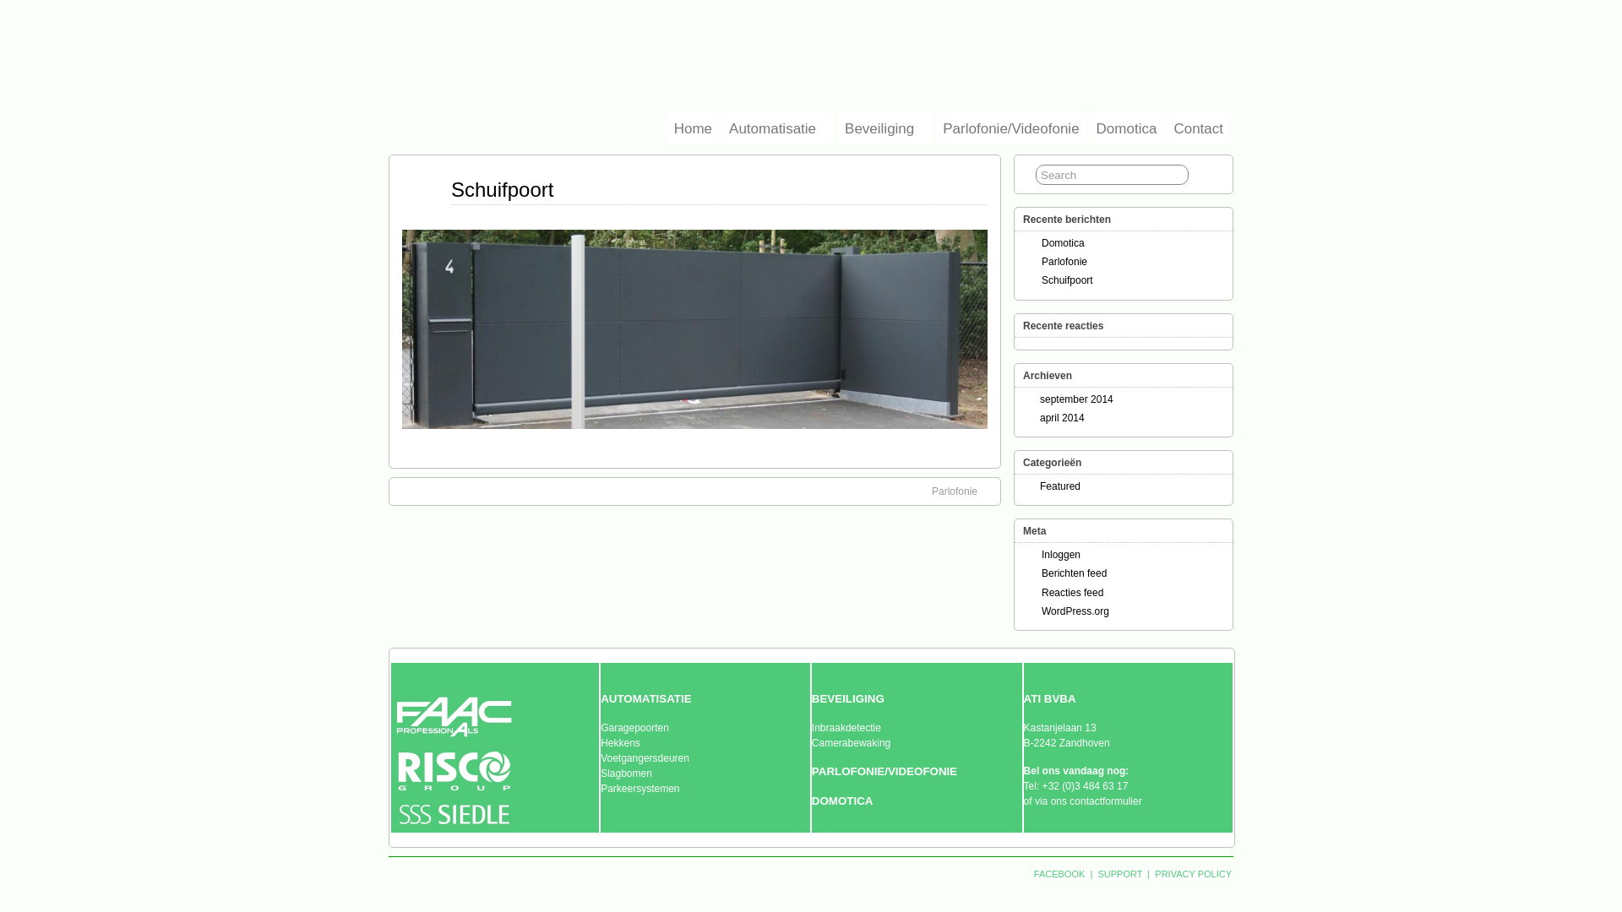  I want to click on 'AUTOMATISATIE', so click(645, 699).